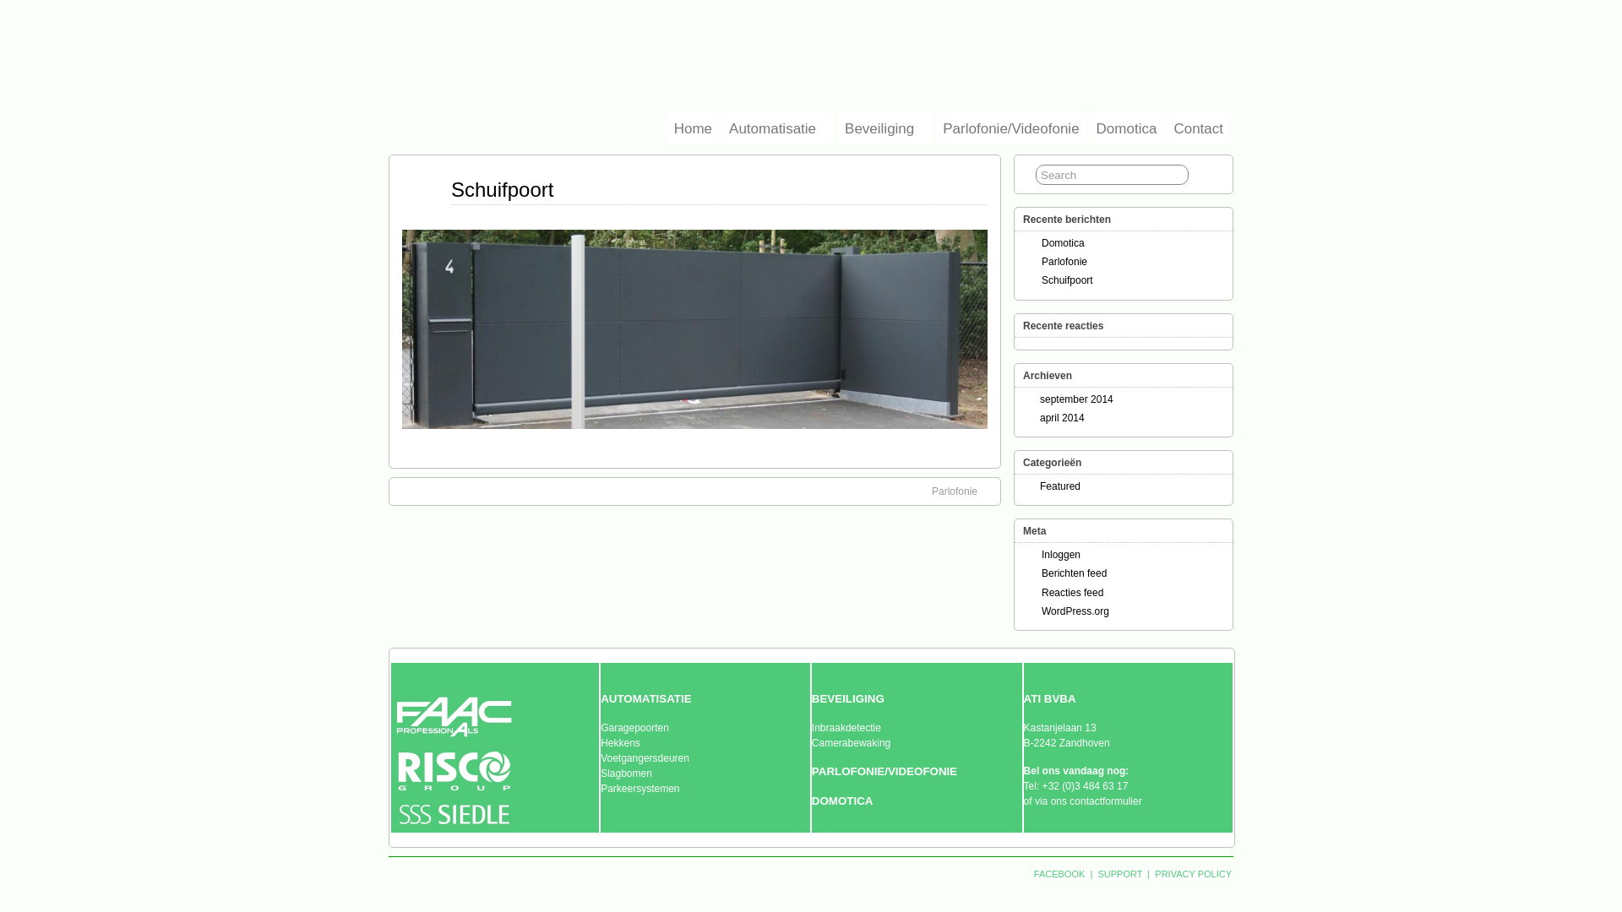  I want to click on 'AUTOMATISATIE', so click(645, 699).